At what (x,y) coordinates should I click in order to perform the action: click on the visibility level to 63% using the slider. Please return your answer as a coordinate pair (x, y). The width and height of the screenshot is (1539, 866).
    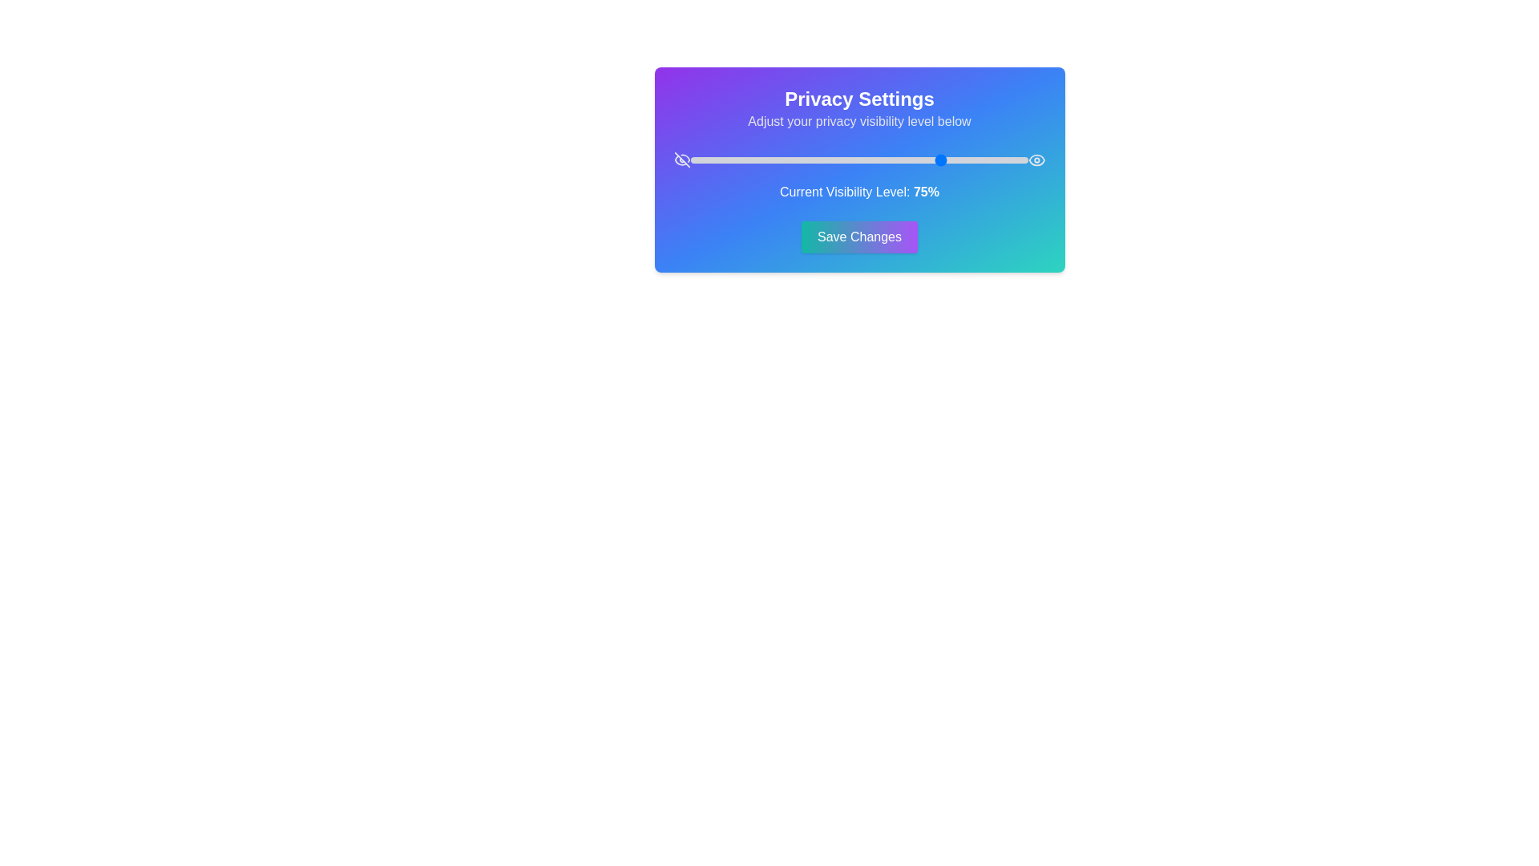
    Looking at the image, I should click on (903, 160).